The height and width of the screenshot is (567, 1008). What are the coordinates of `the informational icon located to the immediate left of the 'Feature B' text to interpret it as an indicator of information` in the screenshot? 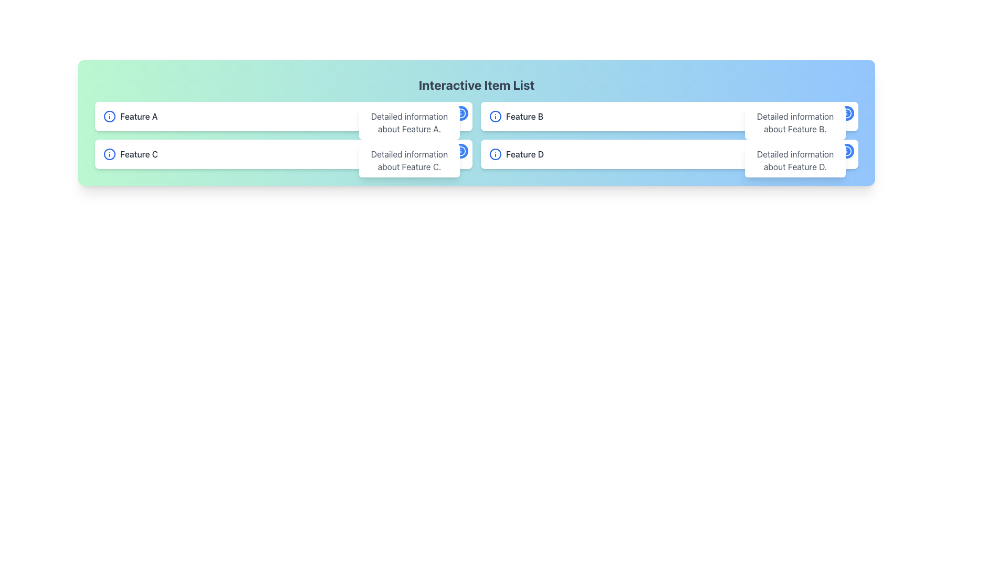 It's located at (495, 117).